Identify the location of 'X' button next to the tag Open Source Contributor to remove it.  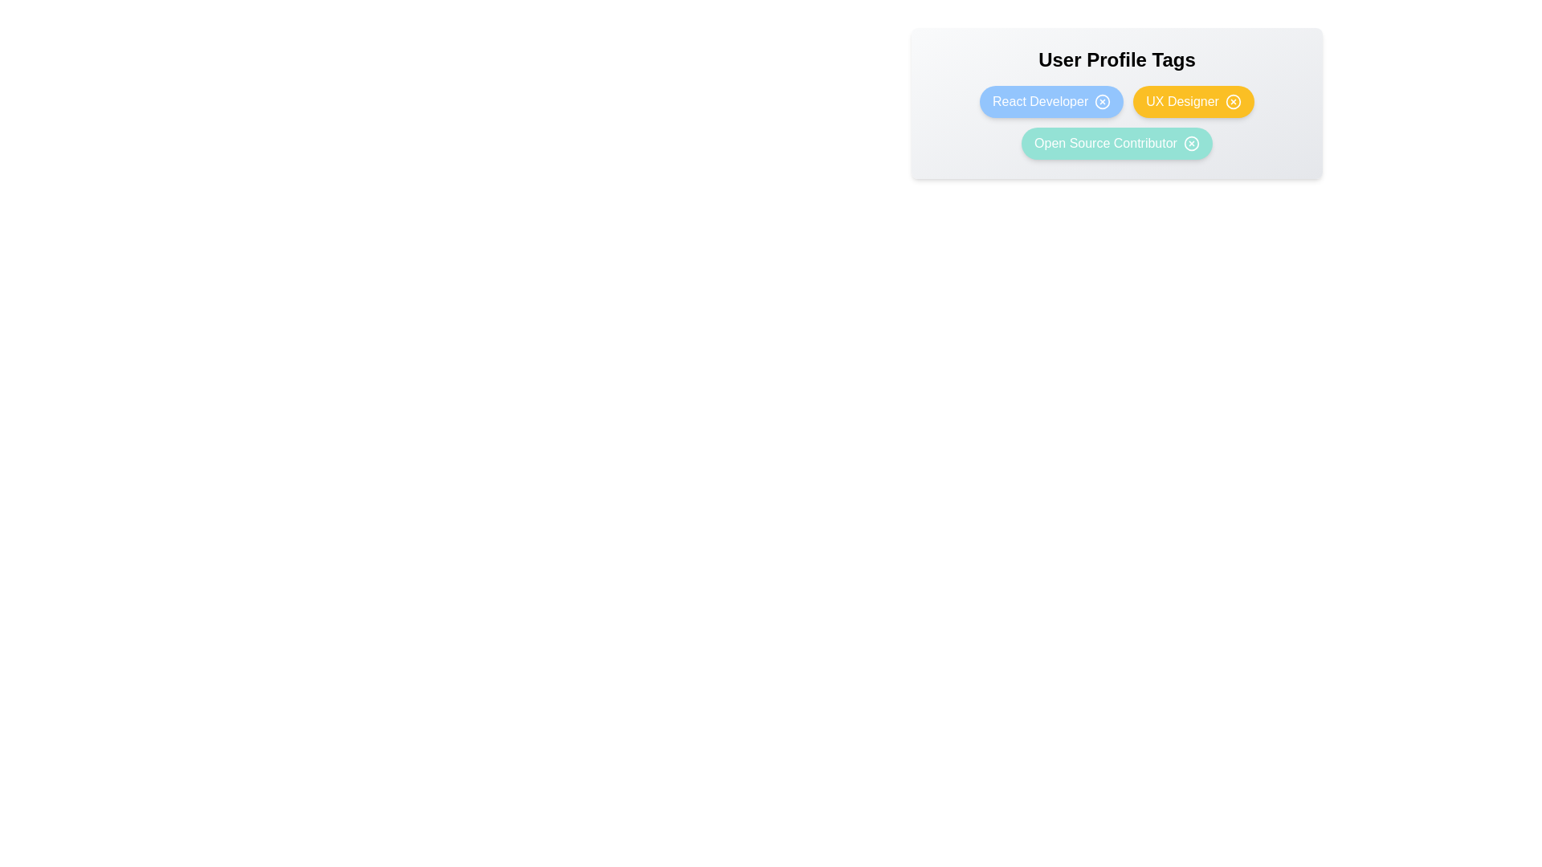
(1191, 142).